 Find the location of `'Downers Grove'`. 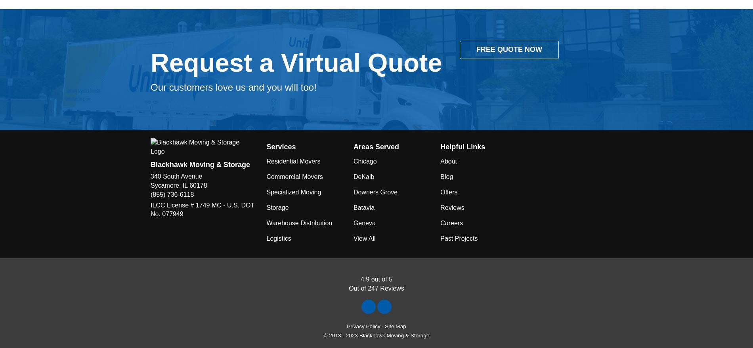

'Downers Grove' is located at coordinates (375, 192).